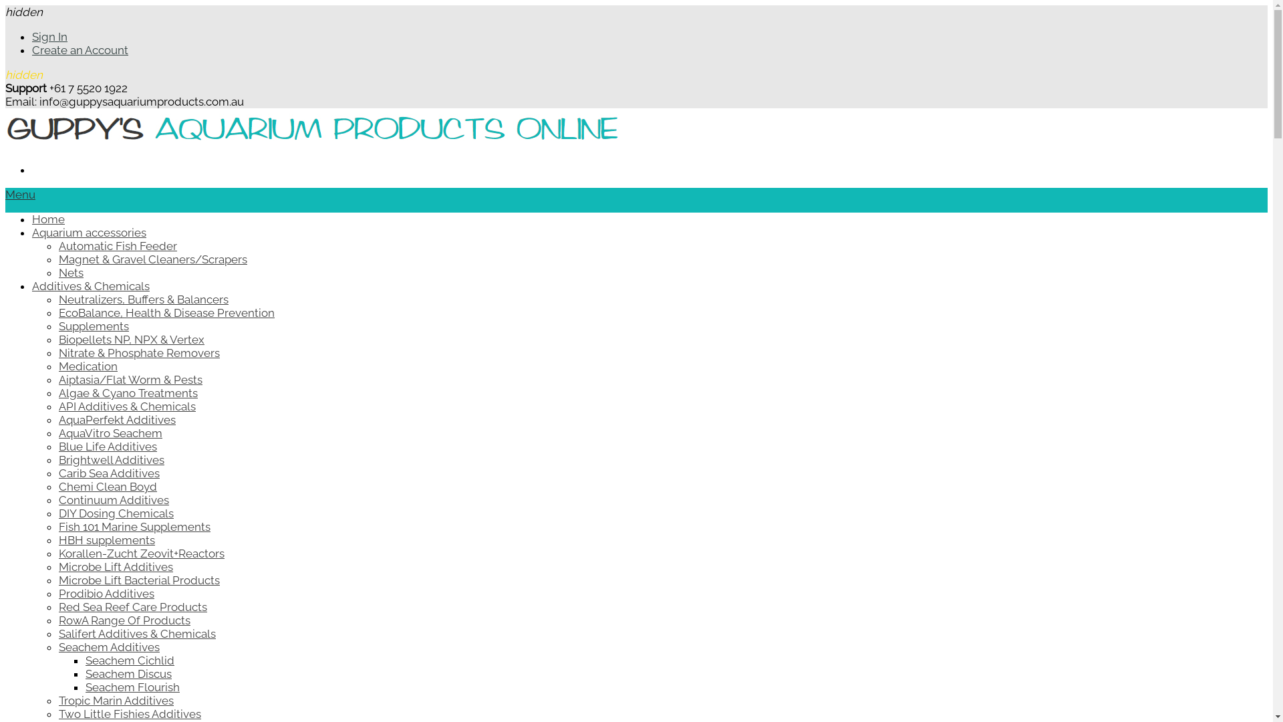 This screenshot has height=722, width=1283. Describe the element at coordinates (127, 406) in the screenshot. I see `'API Additives & Chemicals'` at that location.